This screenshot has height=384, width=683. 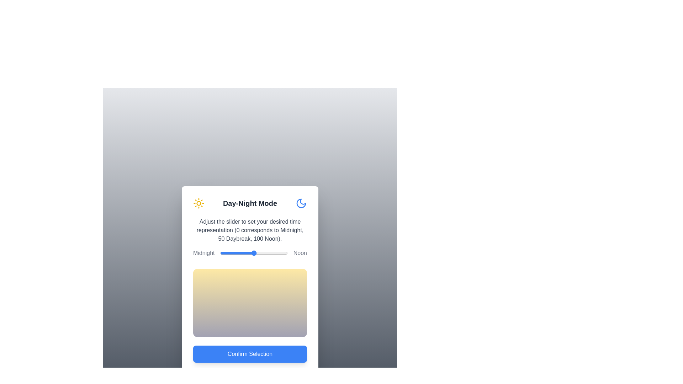 I want to click on the slider to set the time representation to 65, observing the gradient change, so click(x=264, y=253).